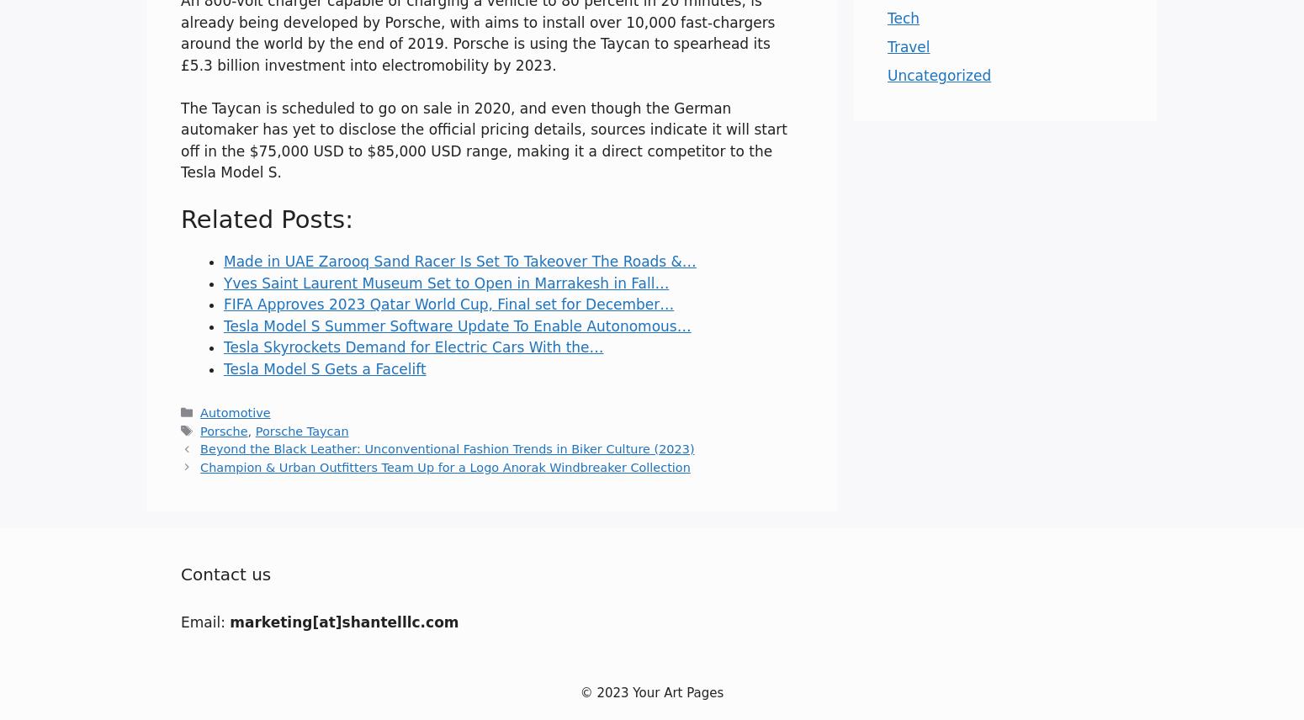 The width and height of the screenshot is (1304, 720). Describe the element at coordinates (235, 412) in the screenshot. I see `'Automotive'` at that location.